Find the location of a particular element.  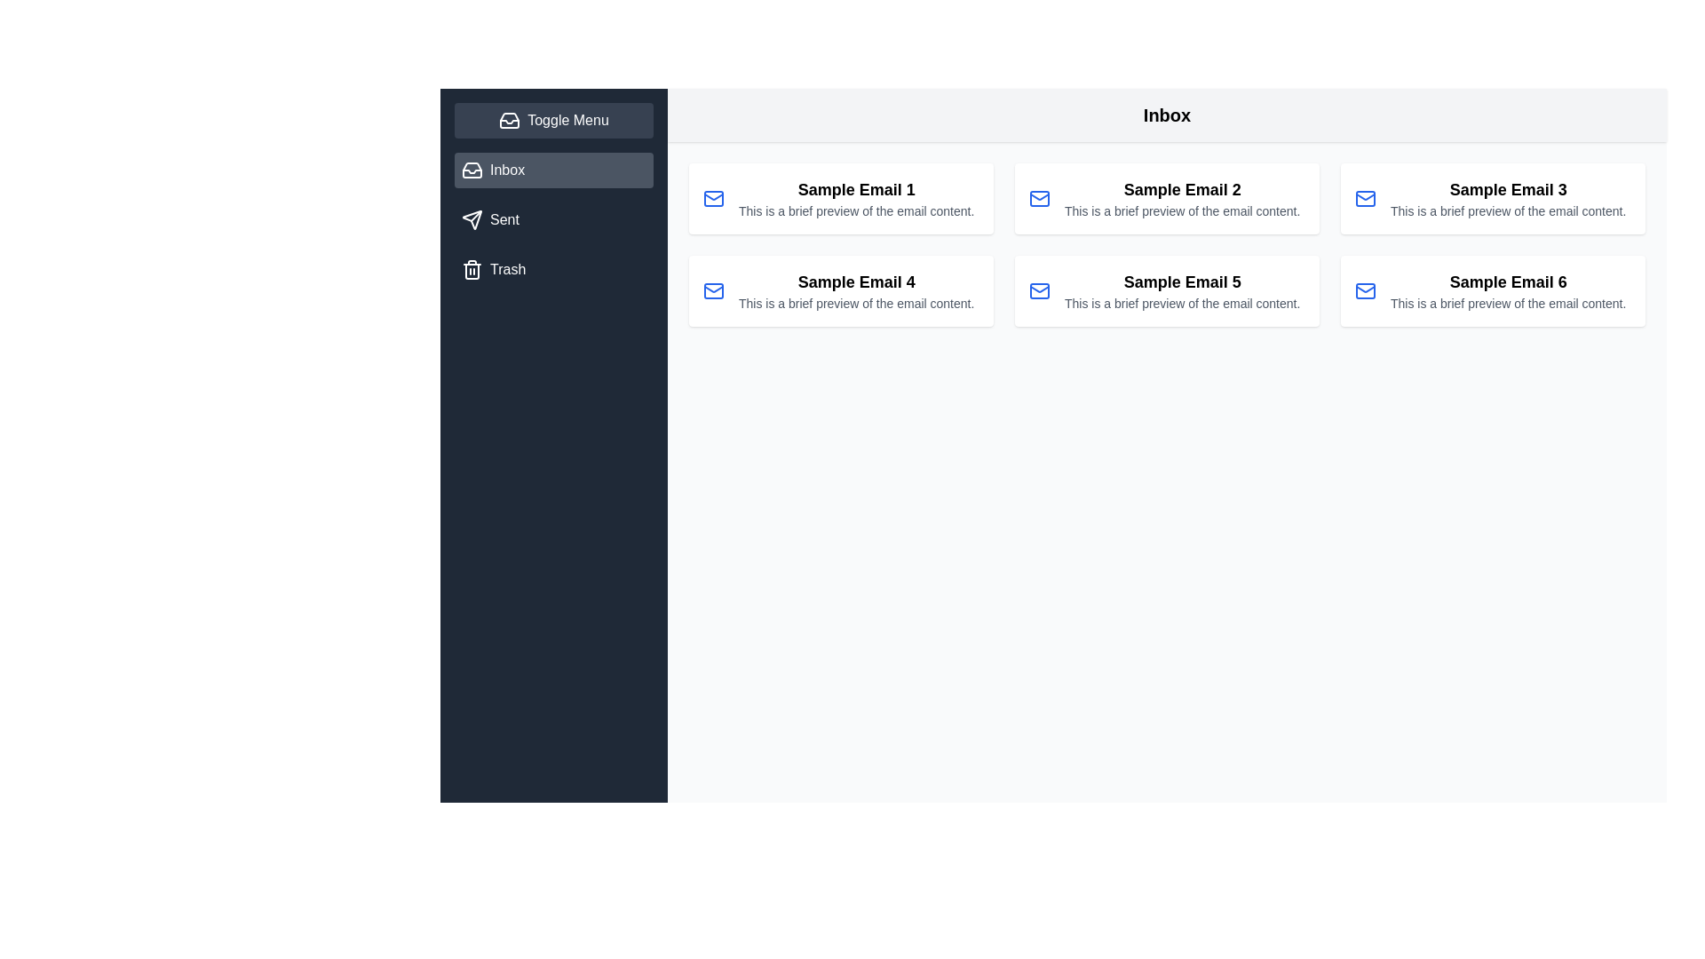

the clickable email preview tile in the inbox view is located at coordinates (840, 198).